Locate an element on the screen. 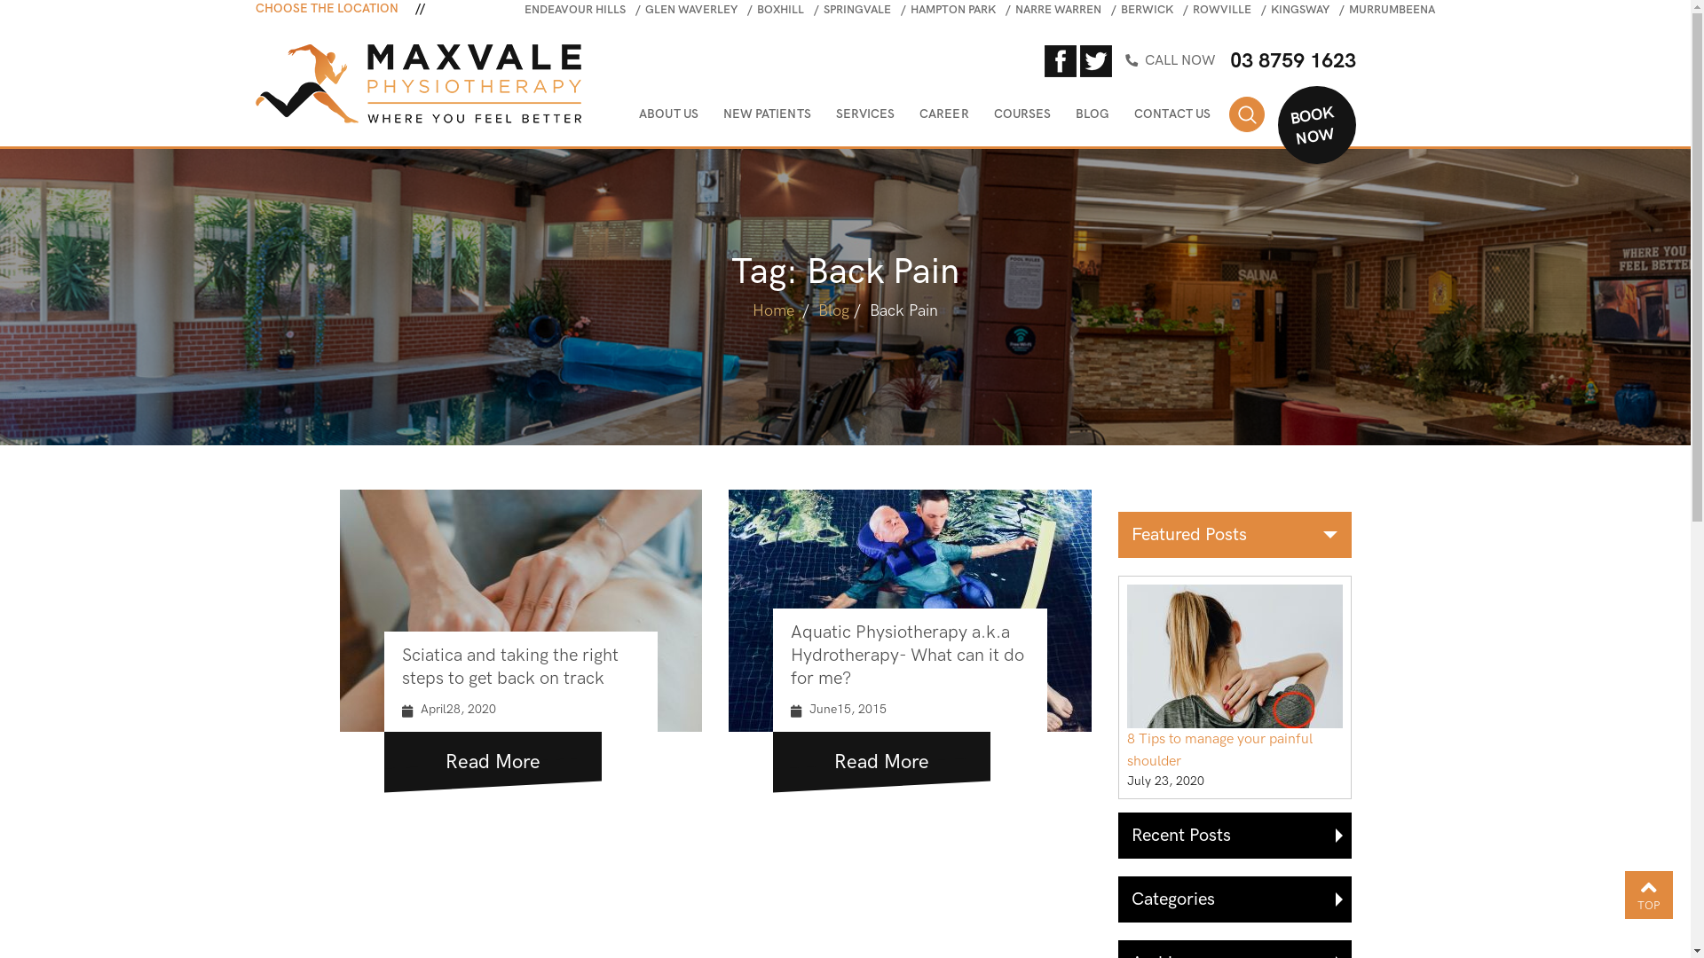 This screenshot has height=958, width=1704. 'ABOUT US' is located at coordinates (667, 117).